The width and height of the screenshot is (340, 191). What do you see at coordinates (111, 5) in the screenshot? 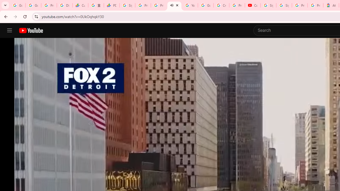
I see `'PDD Holdings Inc - ADR (PDD) Price & News - Google Finance'` at bounding box center [111, 5].